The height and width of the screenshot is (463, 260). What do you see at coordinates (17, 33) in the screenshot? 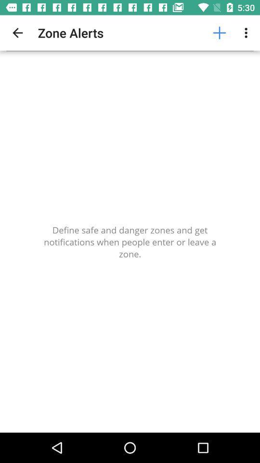
I see `app to the left of the zone alerts item` at bounding box center [17, 33].